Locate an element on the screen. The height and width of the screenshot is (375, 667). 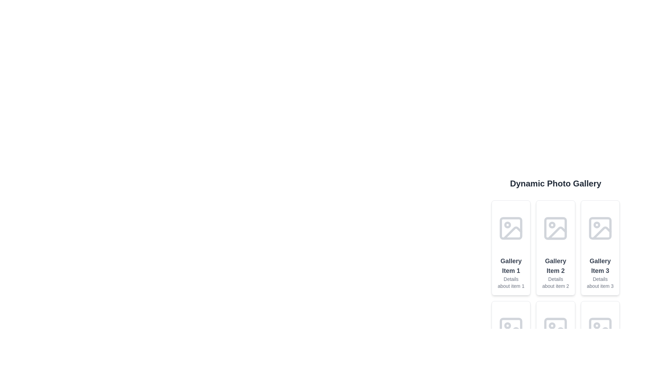
rectangular graphical element with rounded corners styled in light gray, located in the bottom-right card of the gallery grid, which serves as the background for an image icon is located at coordinates (600, 329).